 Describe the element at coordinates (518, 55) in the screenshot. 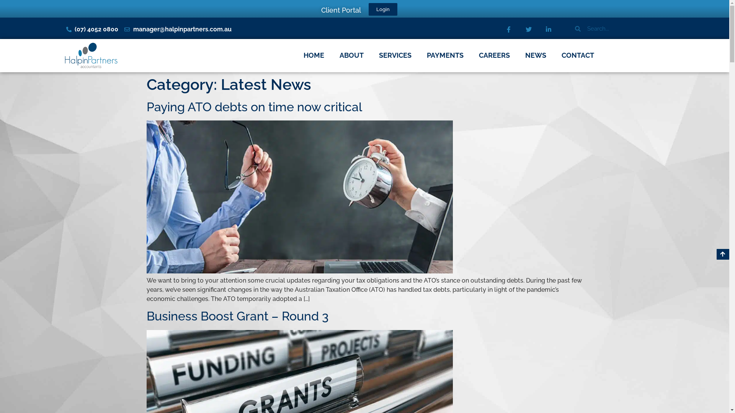

I see `'NEWS'` at that location.